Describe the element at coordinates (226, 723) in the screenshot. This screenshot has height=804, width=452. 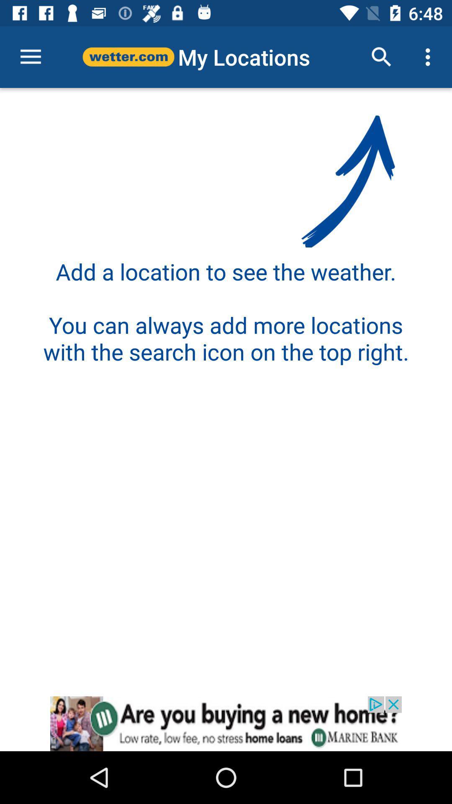
I see `open advertisement` at that location.